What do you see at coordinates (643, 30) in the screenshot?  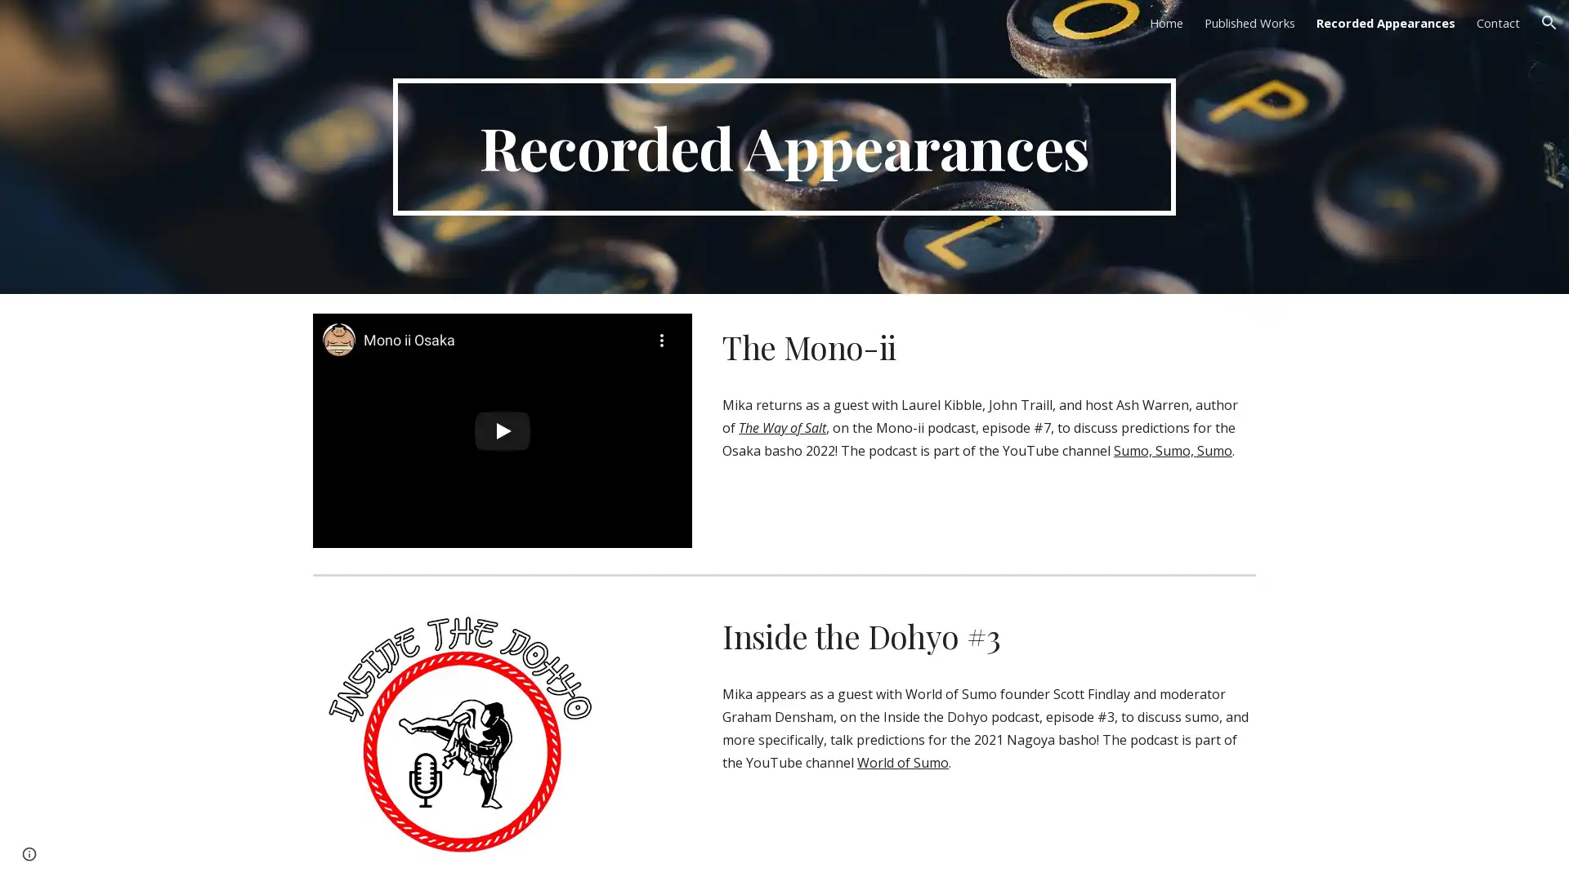 I see `Skip to main content` at bounding box center [643, 30].